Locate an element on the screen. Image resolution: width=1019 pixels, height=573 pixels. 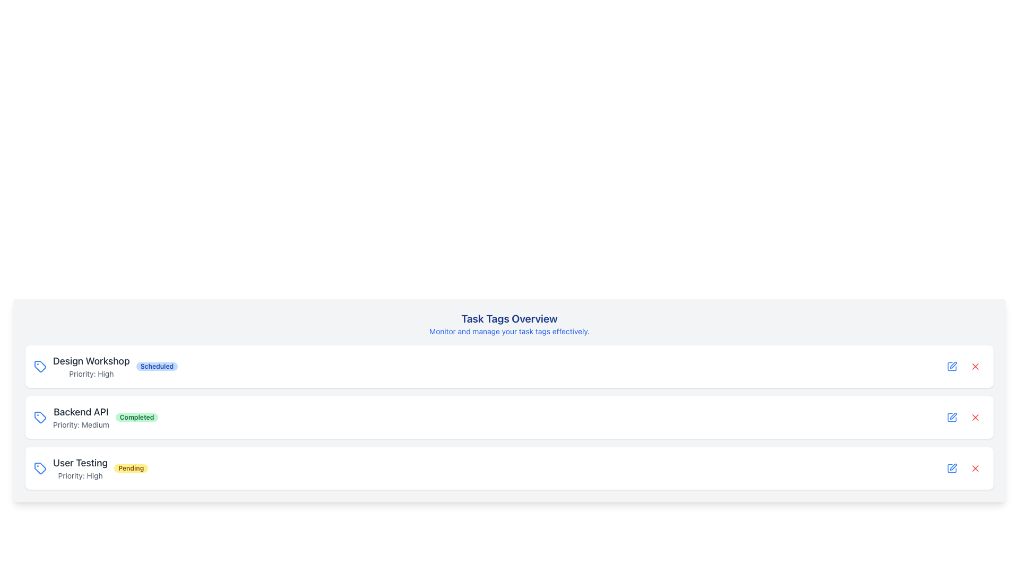
the red outlined cross-shaped icon located on the far right of the third row in the task items list is located at coordinates (975, 416).